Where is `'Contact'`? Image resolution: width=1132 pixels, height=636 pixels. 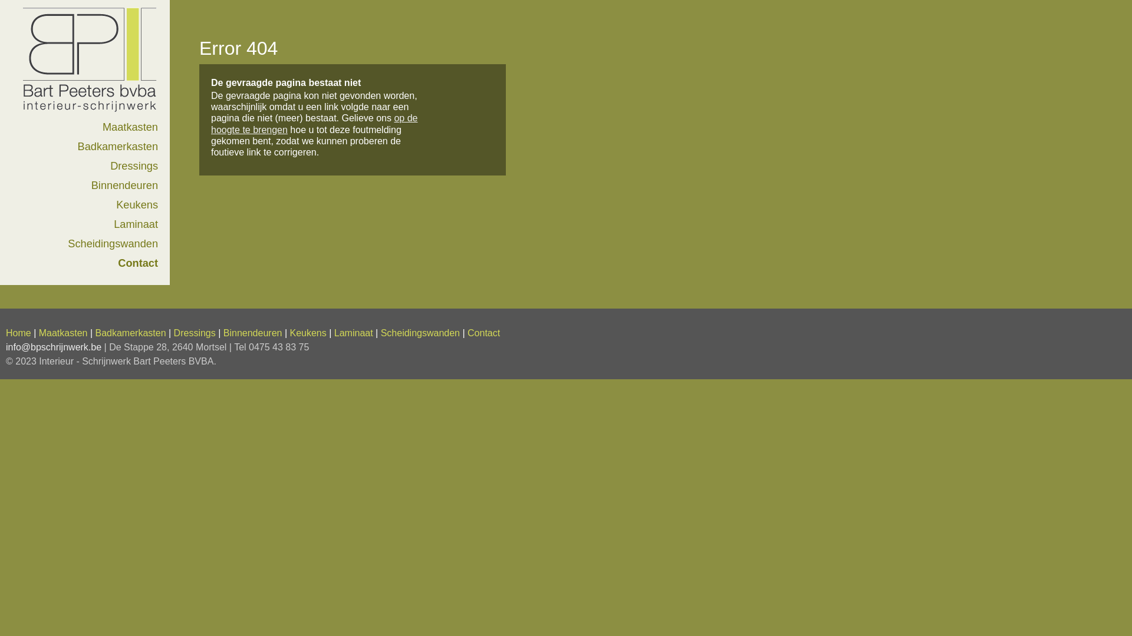
'Contact' is located at coordinates (138, 263).